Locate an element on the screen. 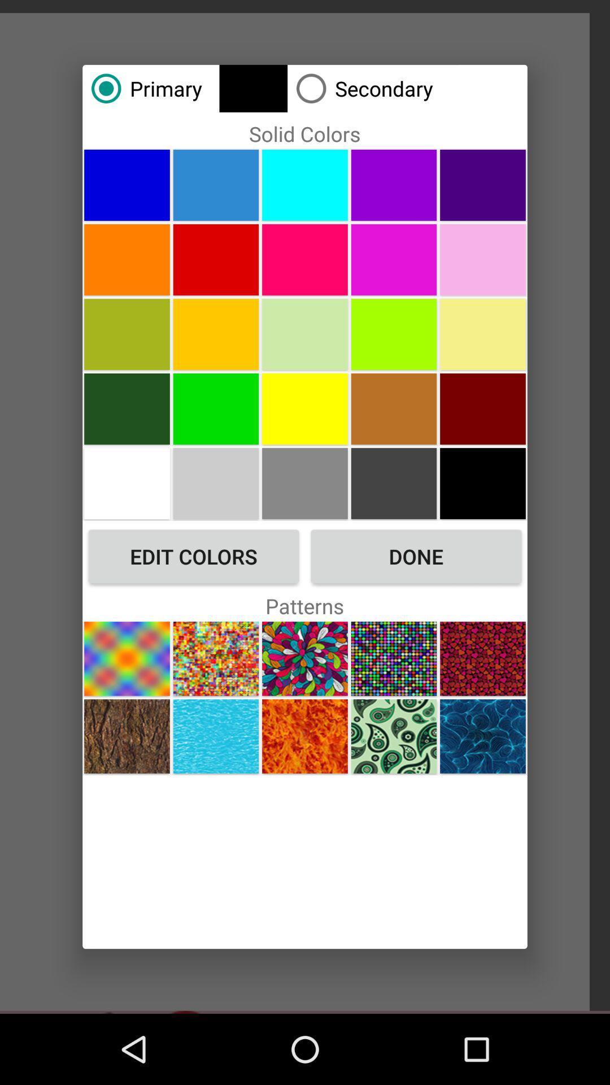 Image resolution: width=610 pixels, height=1085 pixels. choose color is located at coordinates (216, 408).